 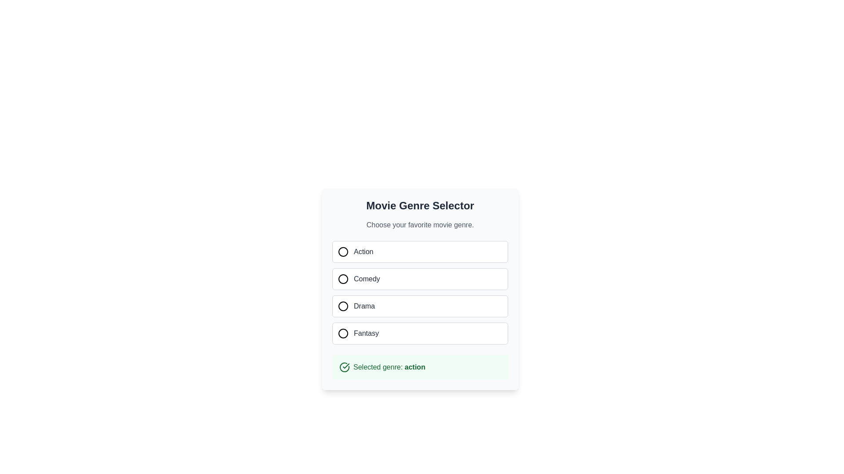 I want to click on the radio button for selecting the 'Action' genre in the movie genre selector to set it as the selected option, so click(x=343, y=252).